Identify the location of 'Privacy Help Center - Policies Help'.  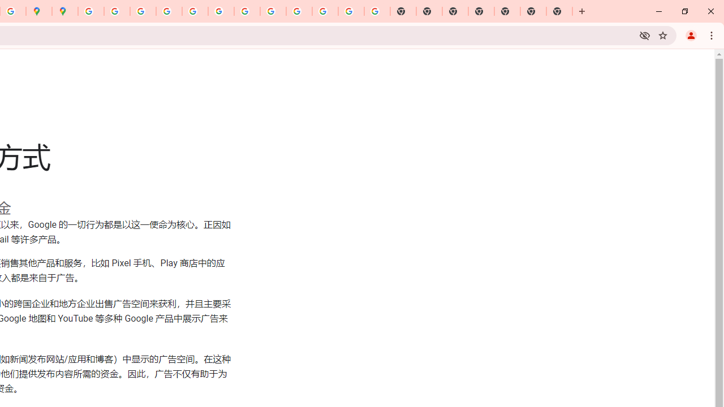
(143, 11).